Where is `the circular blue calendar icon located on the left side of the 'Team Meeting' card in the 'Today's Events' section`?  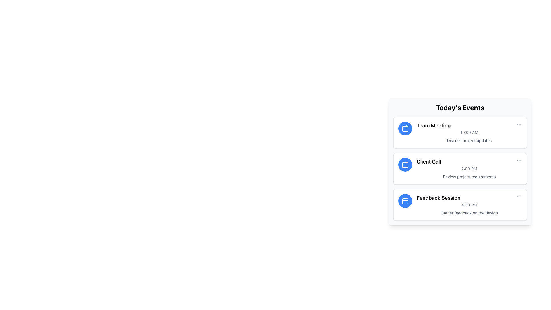 the circular blue calendar icon located on the left side of the 'Team Meeting' card in the 'Today's Events' section is located at coordinates (405, 128).